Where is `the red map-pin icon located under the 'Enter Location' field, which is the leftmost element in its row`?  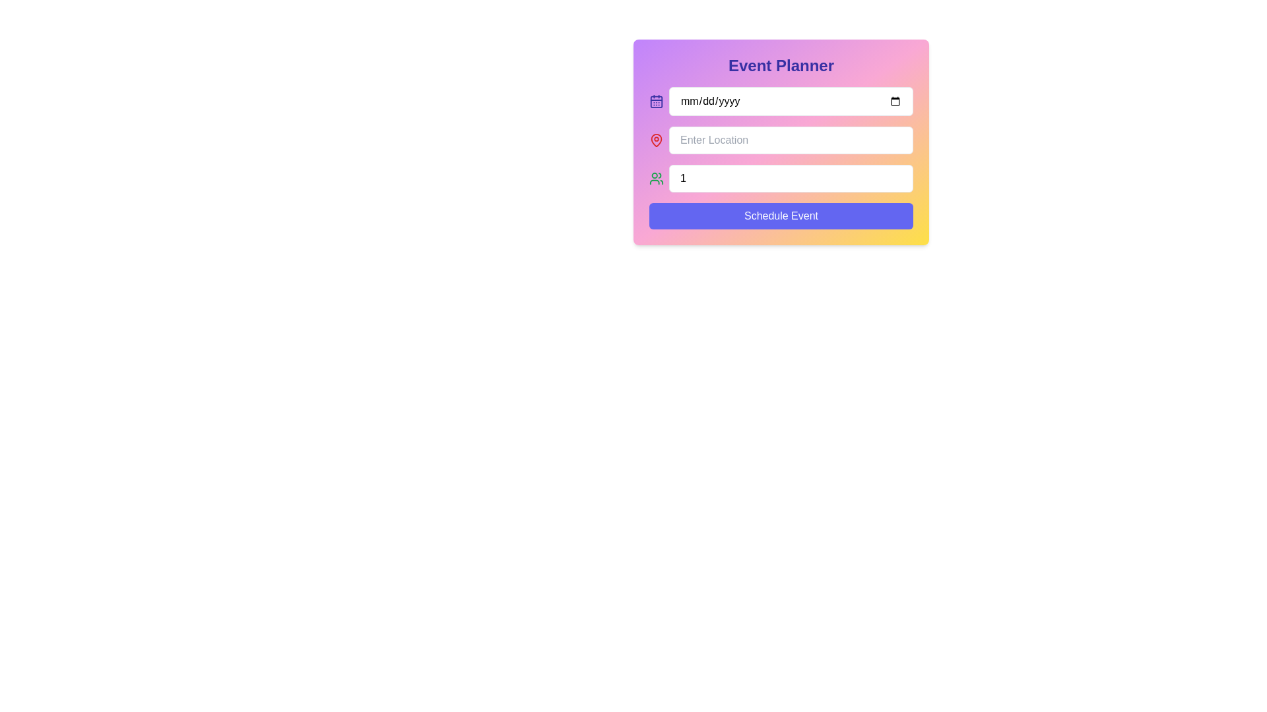
the red map-pin icon located under the 'Enter Location' field, which is the leftmost element in its row is located at coordinates (656, 140).